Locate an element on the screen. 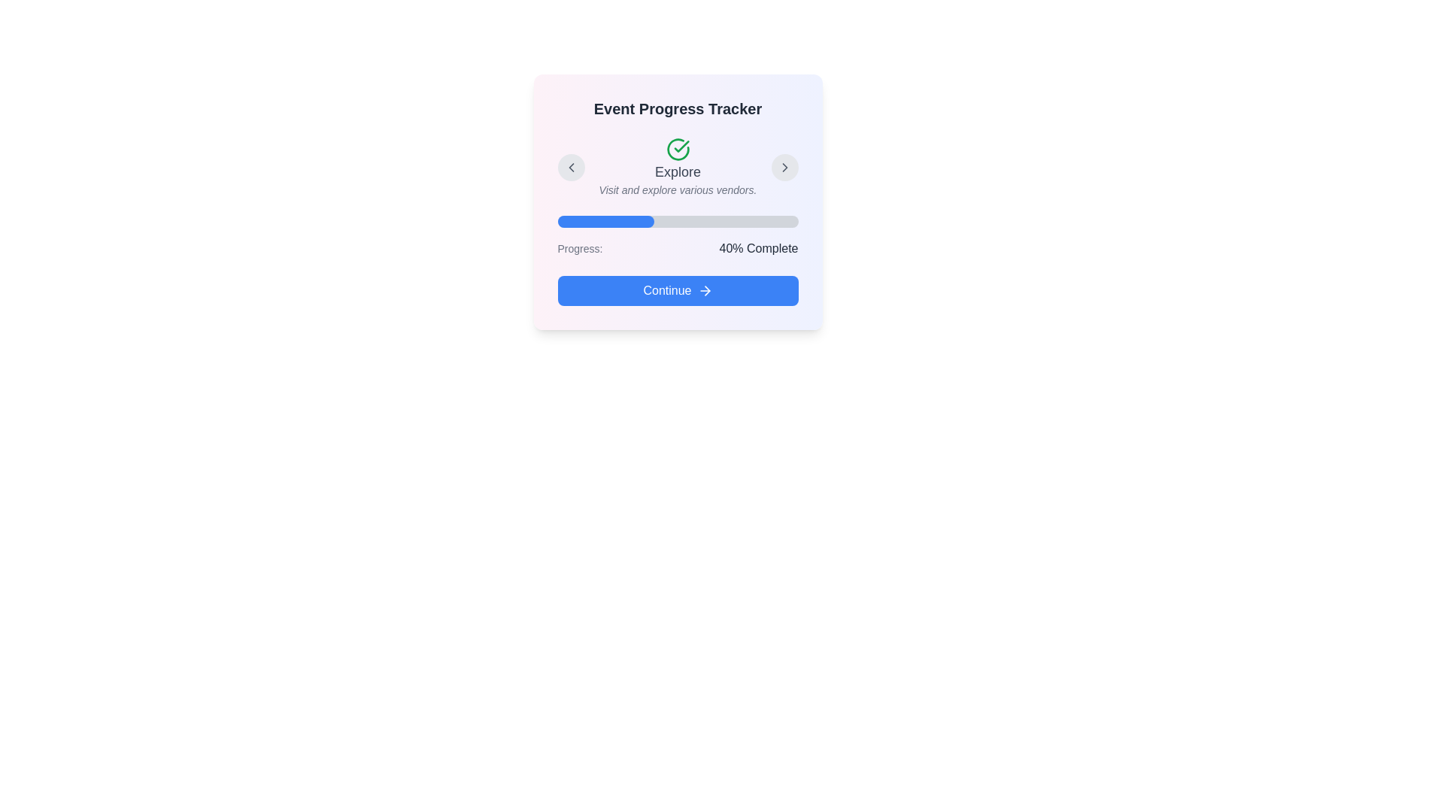  the horizontal progress bar with a gray background and blue filled portion, located below the 'Explore' heading and above the 'Progress' label is located at coordinates (677, 221).